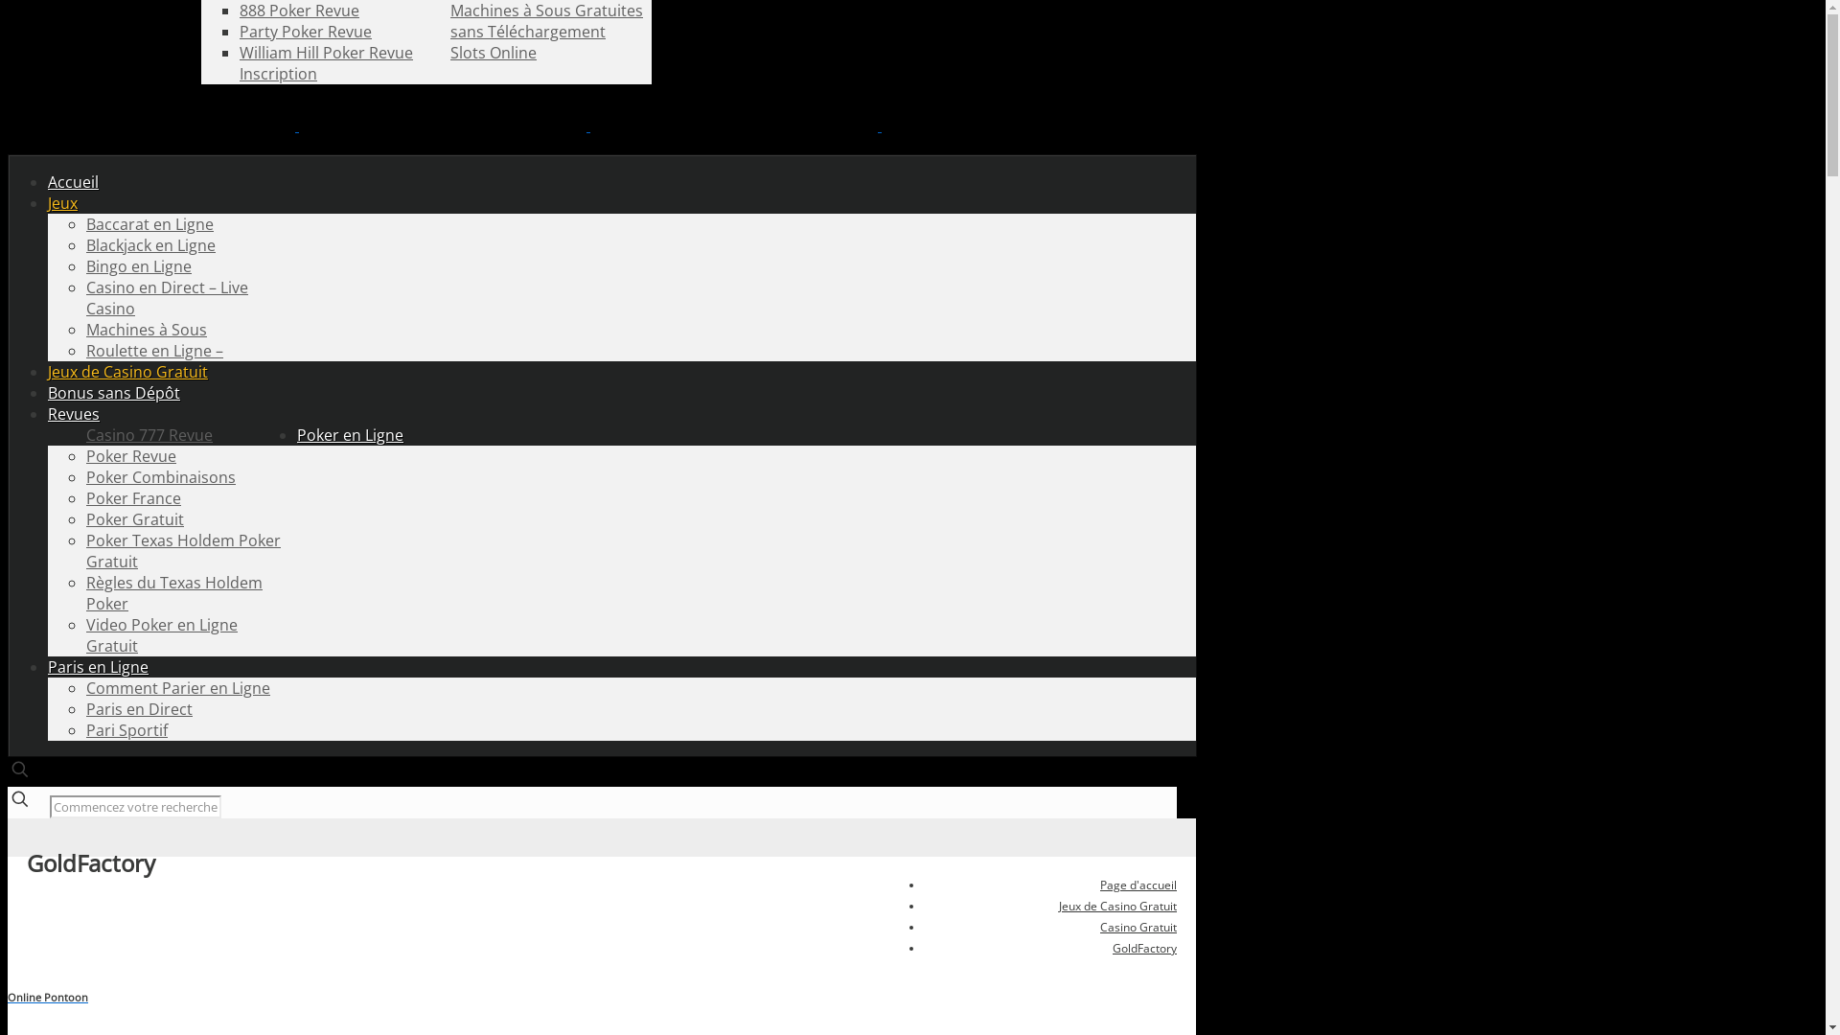 This screenshot has width=1840, height=1035. I want to click on 'Poker Texas Holdem Poker Gratuit', so click(183, 550).